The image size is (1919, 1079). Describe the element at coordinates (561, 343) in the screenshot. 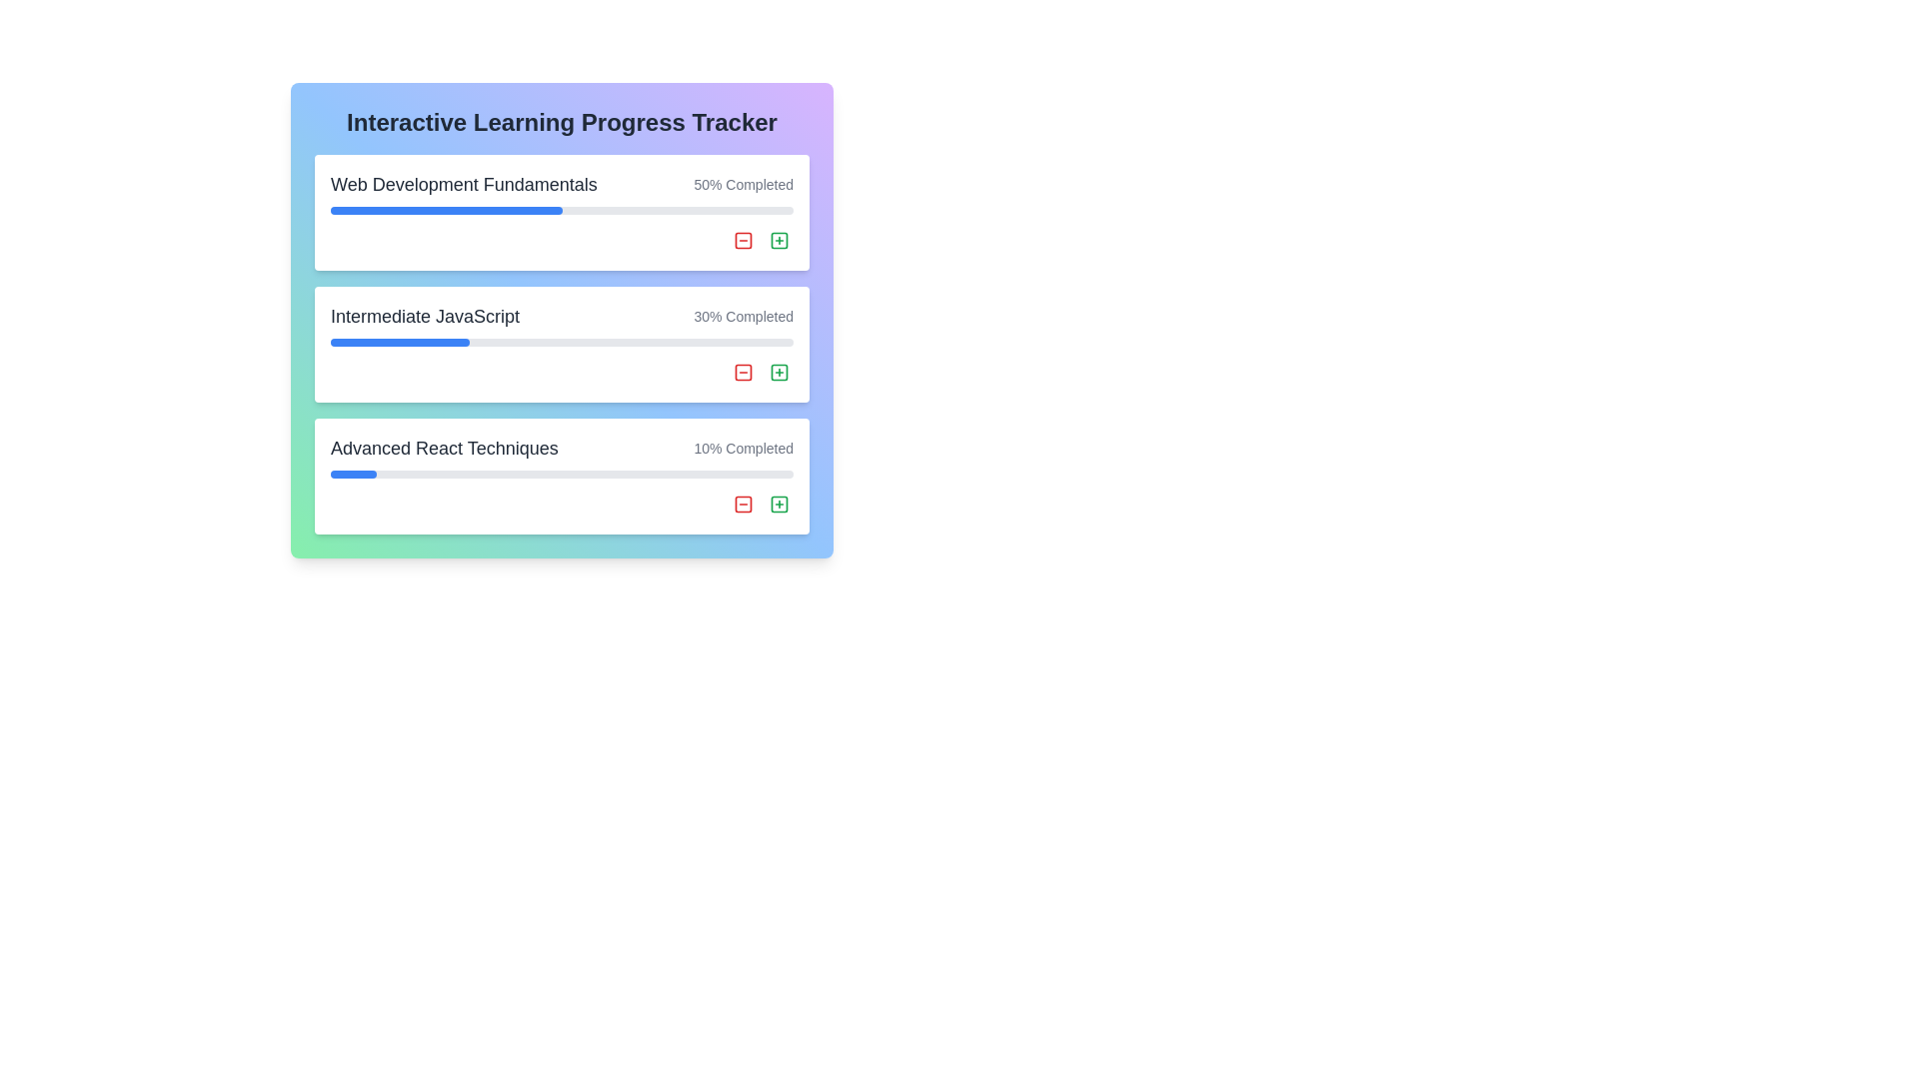

I see `the details of the progress for the 'Intermediate JavaScript' course by clicking on the progress tracker card, which is the second card in a vertical list of three cards` at that location.